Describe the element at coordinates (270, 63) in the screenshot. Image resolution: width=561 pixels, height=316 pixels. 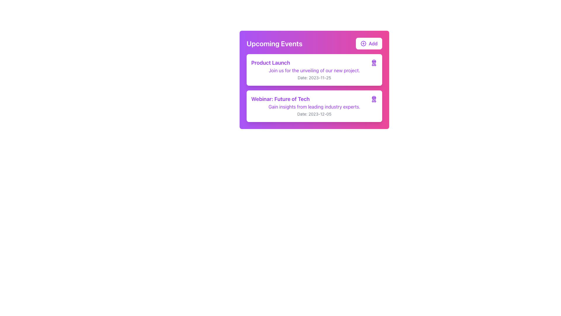
I see `the text label reading 'Product Launch', which is located in the top-left section of a white panel within the gradient background widget labeled 'Upcoming Events'` at that location.